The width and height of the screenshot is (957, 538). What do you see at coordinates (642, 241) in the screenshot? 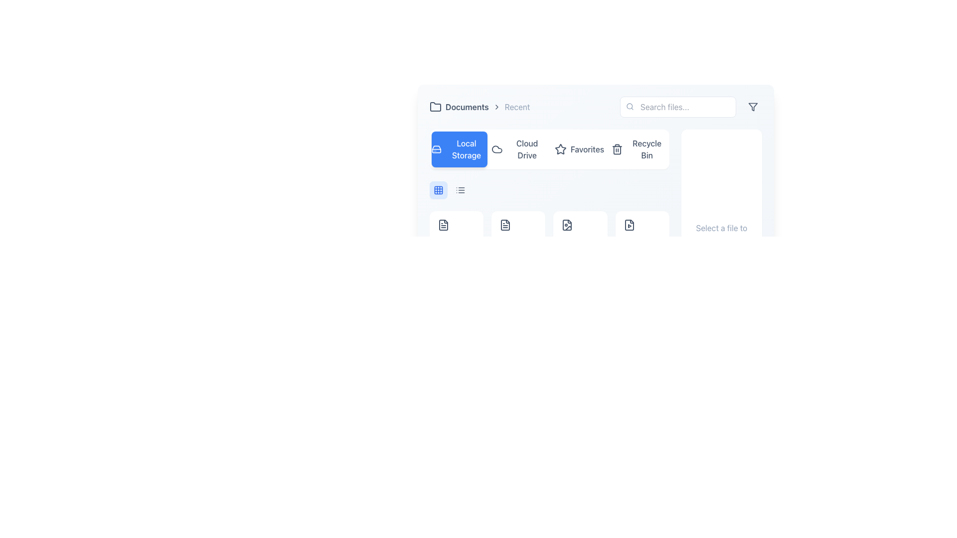
I see `the fifth video file item` at bounding box center [642, 241].